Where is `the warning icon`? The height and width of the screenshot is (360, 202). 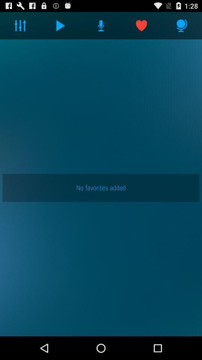
the warning icon is located at coordinates (101, 27).